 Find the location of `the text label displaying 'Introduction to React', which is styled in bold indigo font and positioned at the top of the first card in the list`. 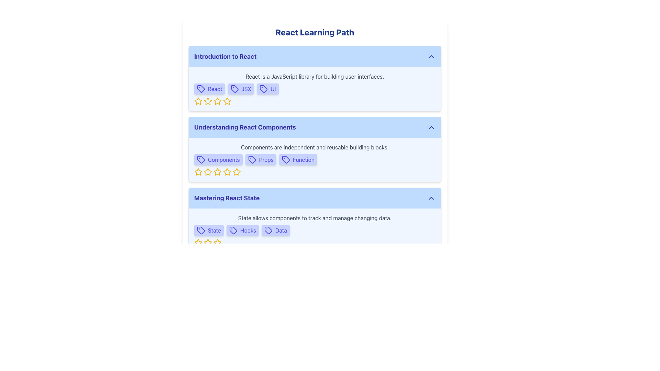

the text label displaying 'Introduction to React', which is styled in bold indigo font and positioned at the top of the first card in the list is located at coordinates (225, 56).